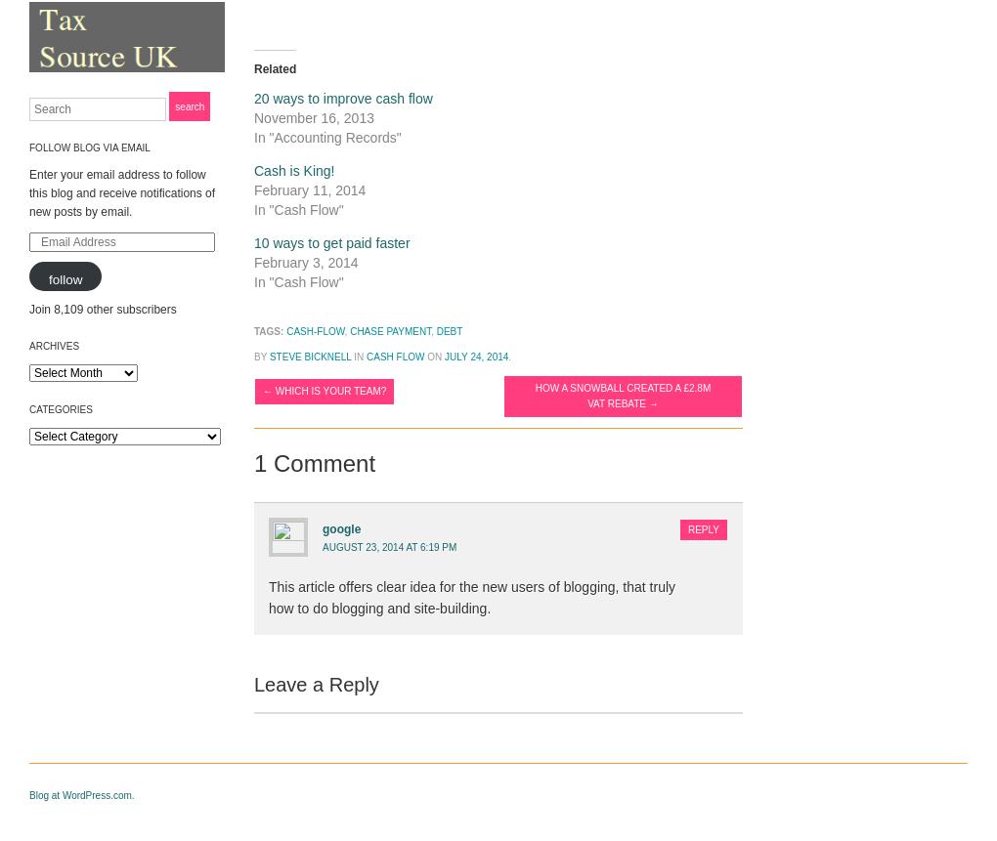 Image resolution: width=997 pixels, height=841 pixels. Describe the element at coordinates (120, 192) in the screenshot. I see `'Enter your email address to follow this blog and receive notifications of new posts by email.'` at that location.